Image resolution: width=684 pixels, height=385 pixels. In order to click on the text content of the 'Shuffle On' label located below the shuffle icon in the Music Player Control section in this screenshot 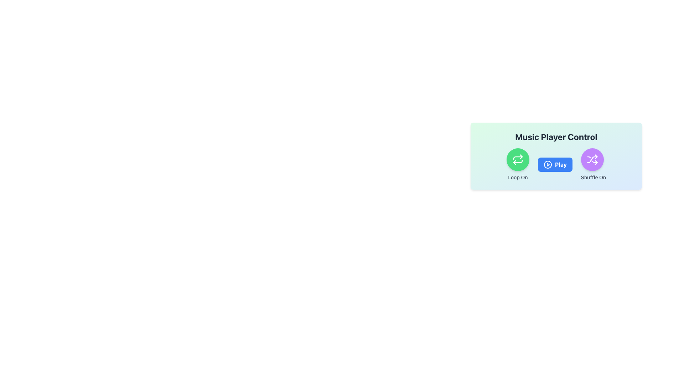, I will do `click(593, 177)`.